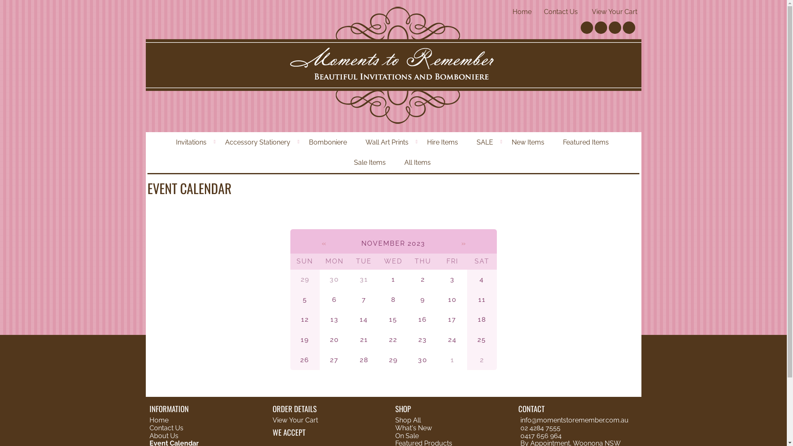  What do you see at coordinates (529, 142) in the screenshot?
I see `'New Items'` at bounding box center [529, 142].